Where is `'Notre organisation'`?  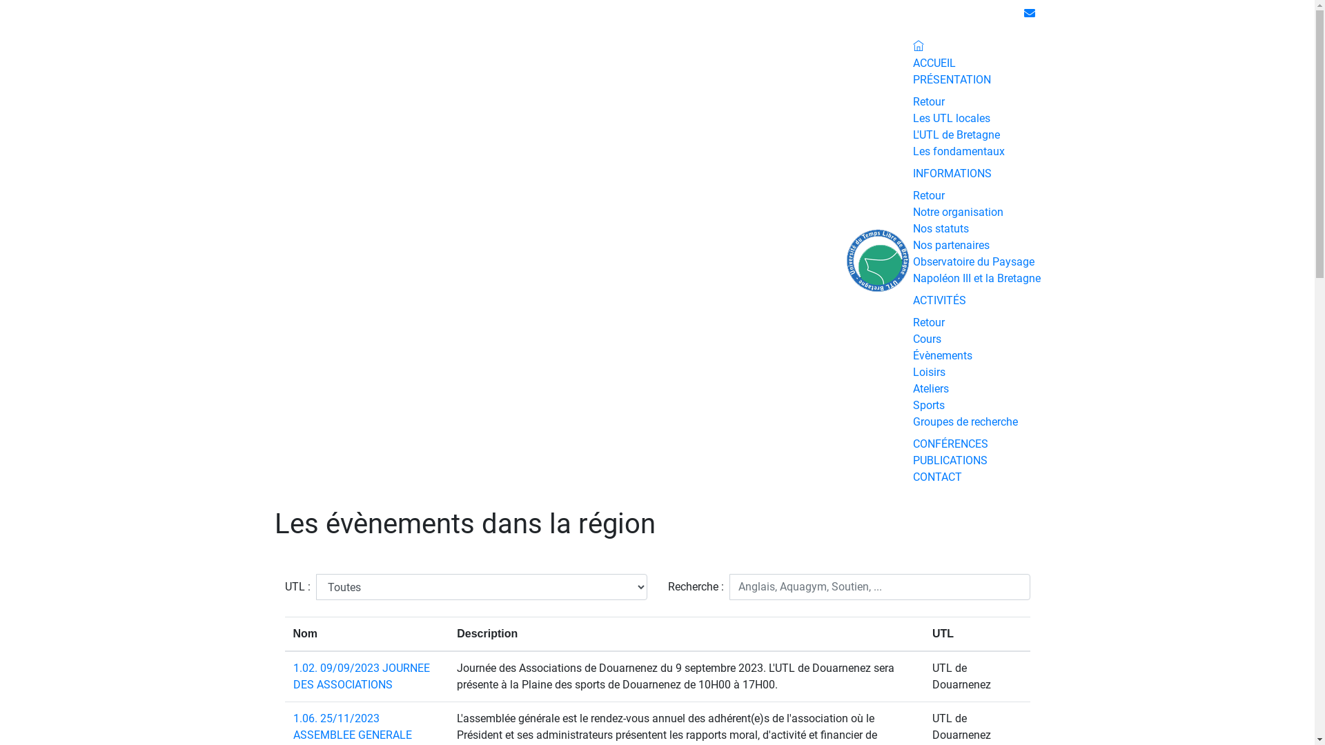 'Notre organisation' is located at coordinates (956, 212).